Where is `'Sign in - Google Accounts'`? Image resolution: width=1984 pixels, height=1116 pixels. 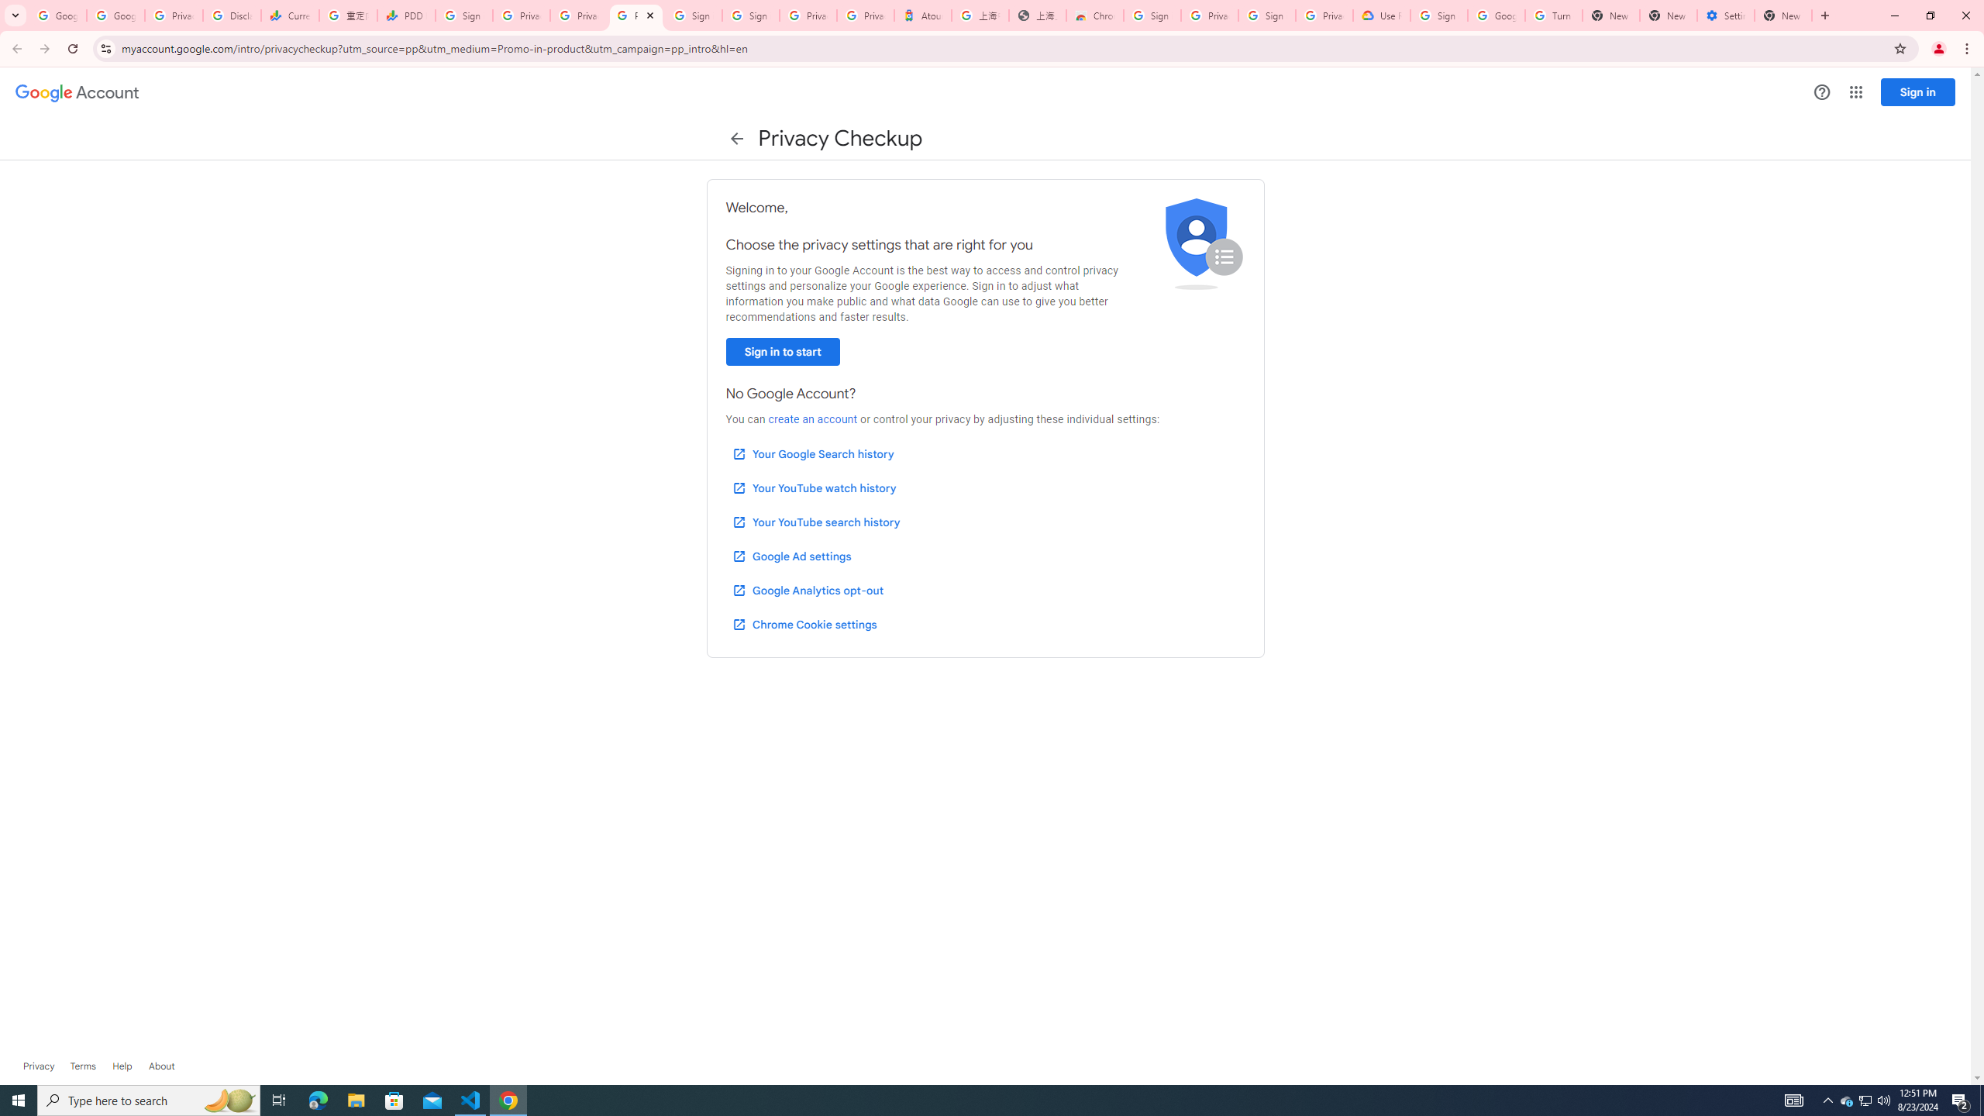 'Sign in - Google Accounts' is located at coordinates (694, 15).